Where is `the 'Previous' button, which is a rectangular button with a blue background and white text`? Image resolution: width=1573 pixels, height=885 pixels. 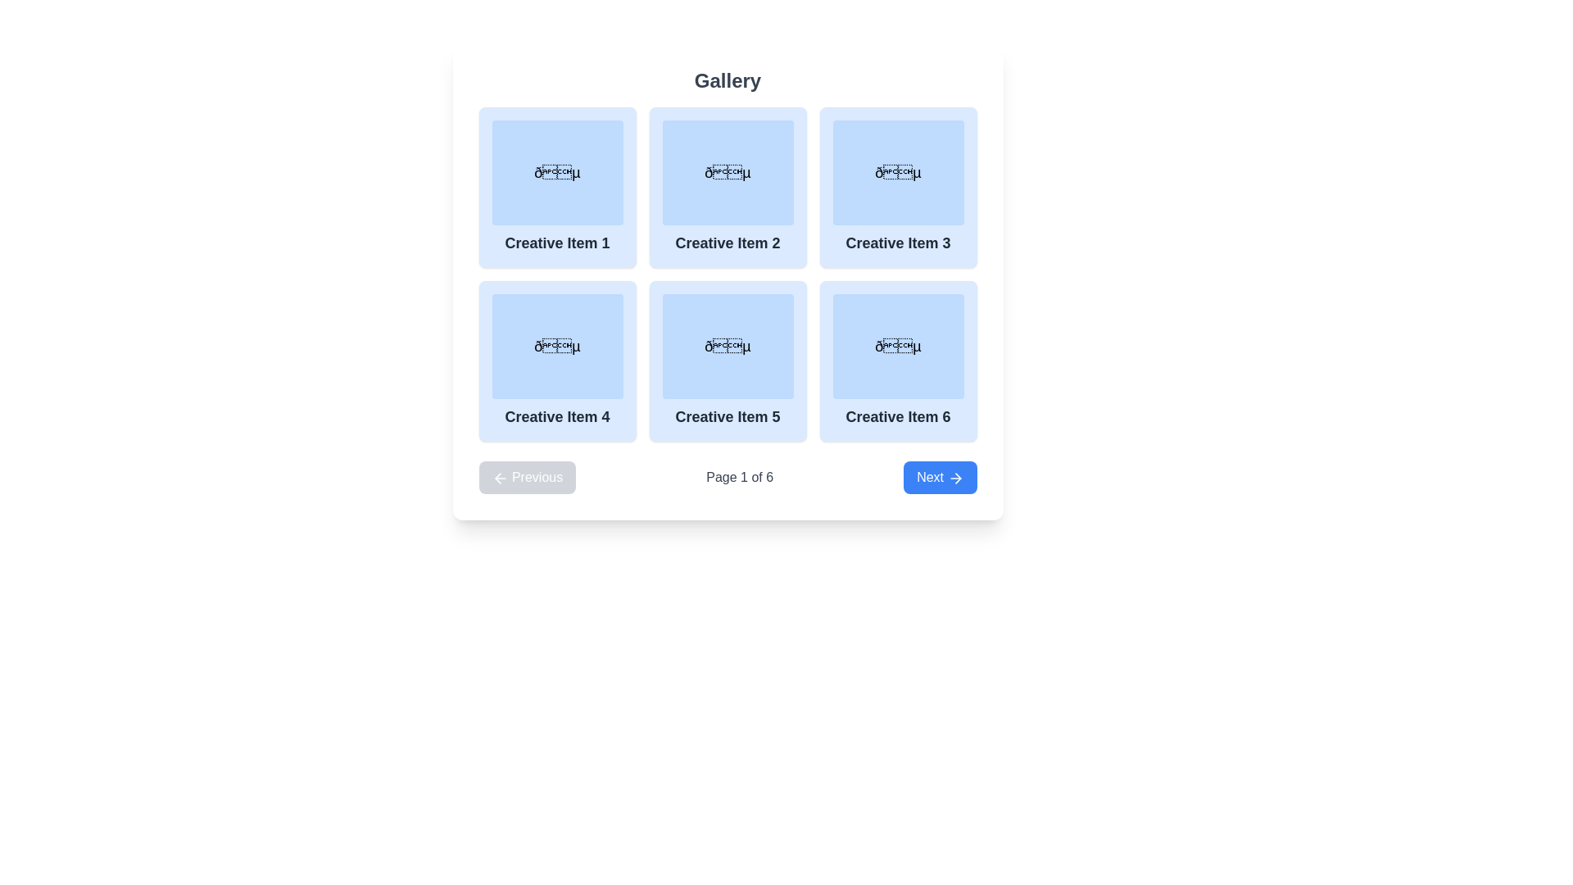
the 'Previous' button, which is a rectangular button with a blue background and white text is located at coordinates (527, 477).